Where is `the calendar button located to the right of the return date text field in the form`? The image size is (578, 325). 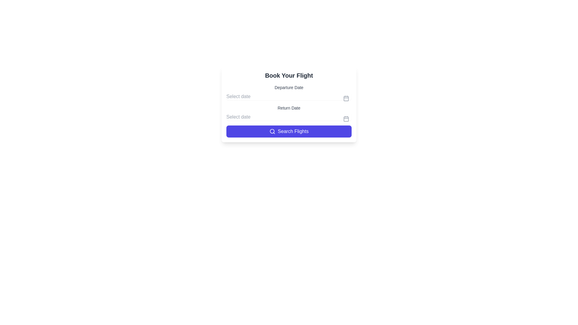 the calendar button located to the right of the return date text field in the form is located at coordinates (346, 119).